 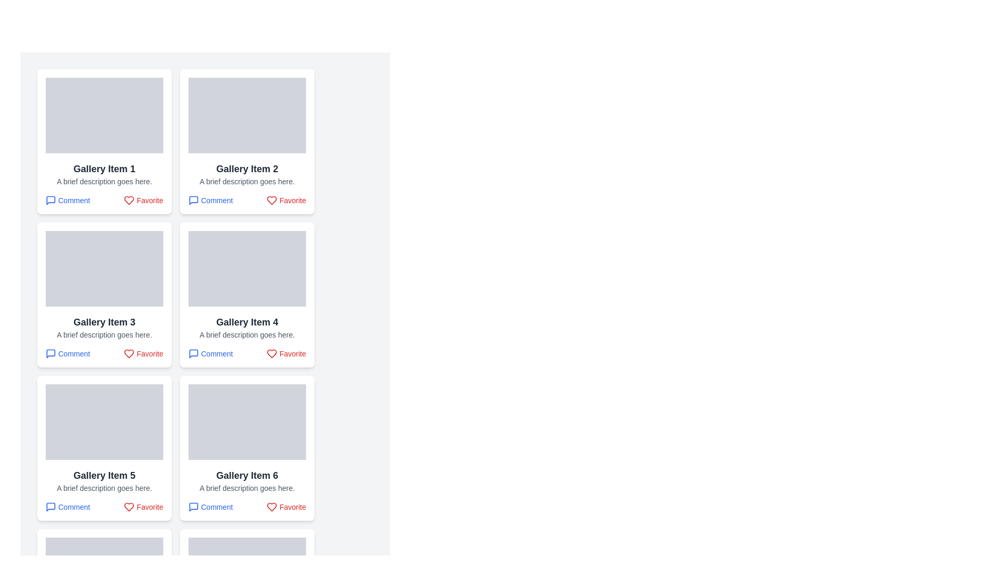 What do you see at coordinates (67, 354) in the screenshot?
I see `the 'Comment' button, which is a small blue text alongside a speech bubble icon, located at the bottom-left corner of the 'Gallery Item 3' card` at bounding box center [67, 354].